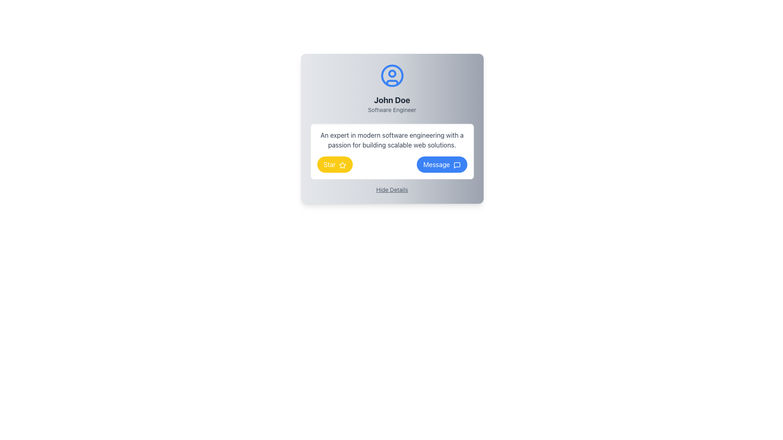  Describe the element at coordinates (392, 75) in the screenshot. I see `the circular user profile icon with a blue outline located at the top central region of the card interface, above the text 'John Doe' and 'Software Engineer'` at that location.